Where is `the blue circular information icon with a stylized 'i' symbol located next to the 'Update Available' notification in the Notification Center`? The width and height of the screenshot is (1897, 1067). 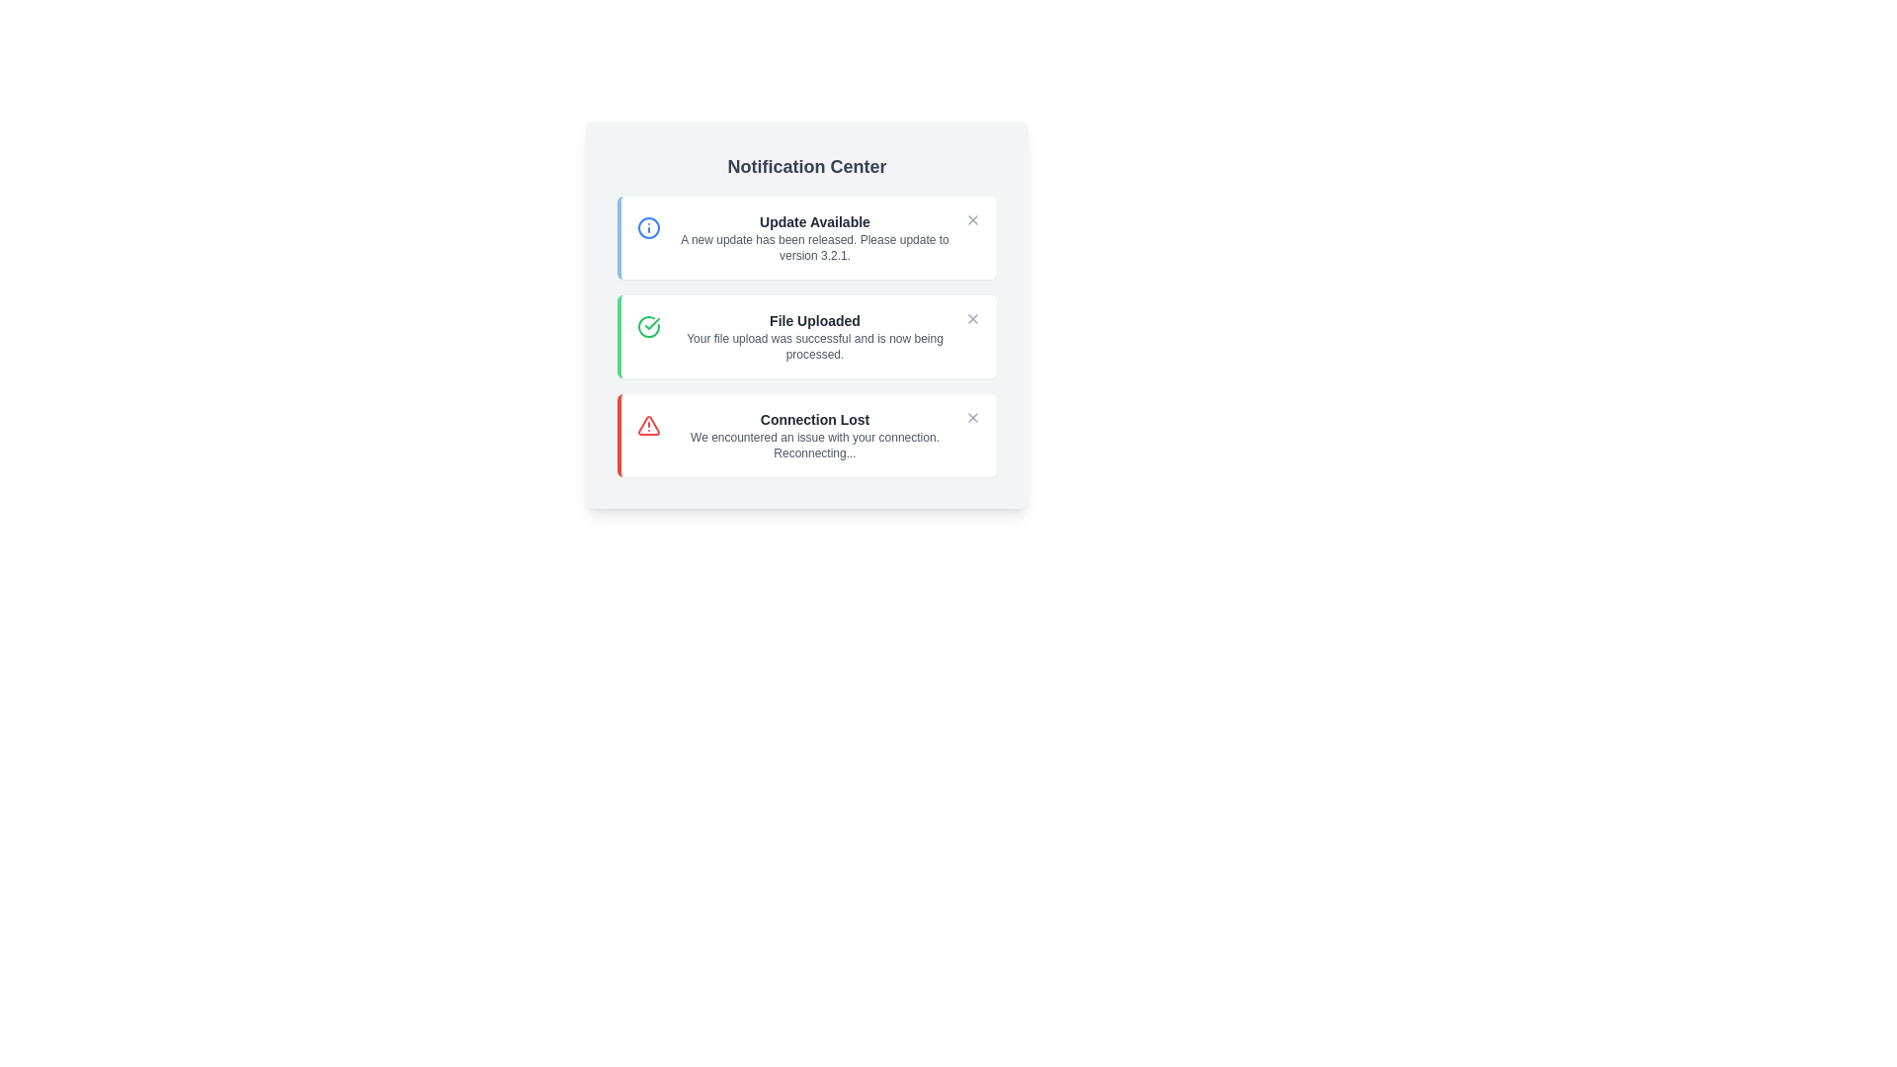 the blue circular information icon with a stylized 'i' symbol located next to the 'Update Available' notification in the Notification Center is located at coordinates (649, 227).